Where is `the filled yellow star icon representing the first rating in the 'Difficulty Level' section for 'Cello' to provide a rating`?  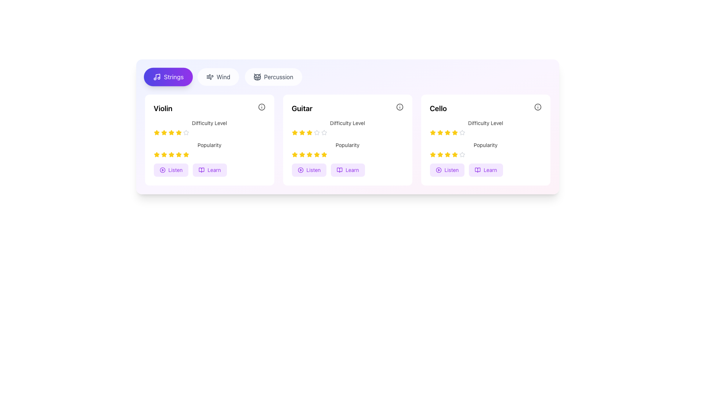 the filled yellow star icon representing the first rating in the 'Difficulty Level' section for 'Cello' to provide a rating is located at coordinates (432, 132).